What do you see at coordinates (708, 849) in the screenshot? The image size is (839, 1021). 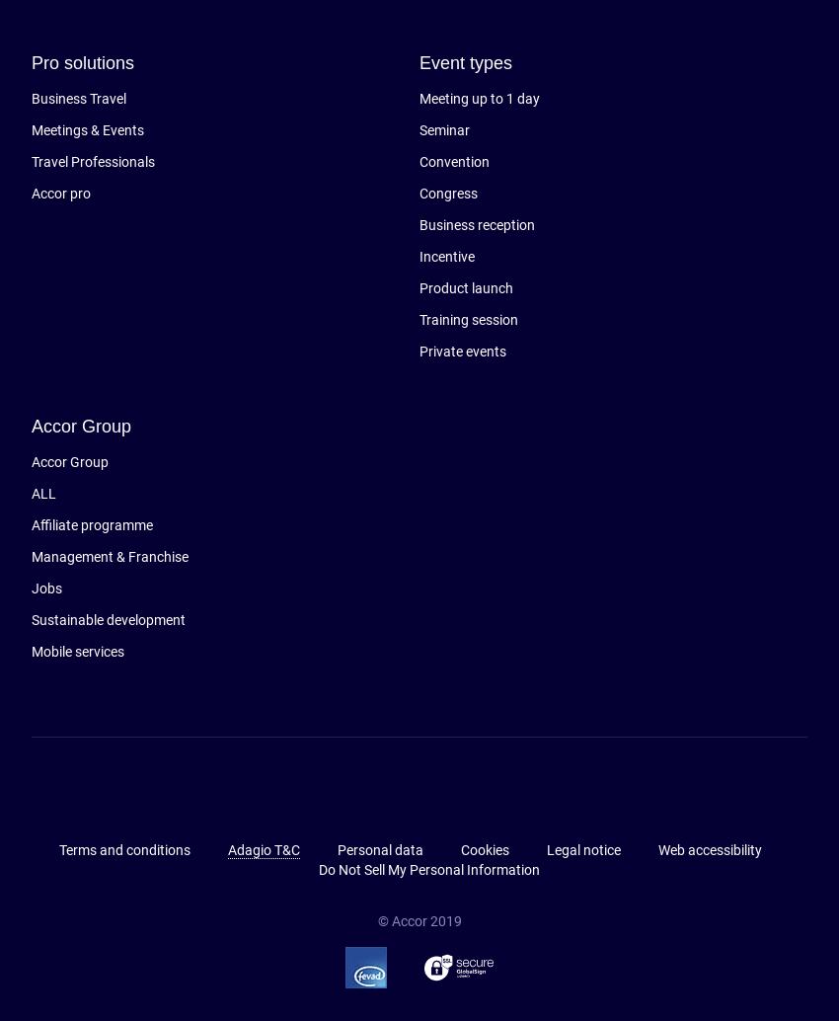 I see `'Web accessibility'` at bounding box center [708, 849].